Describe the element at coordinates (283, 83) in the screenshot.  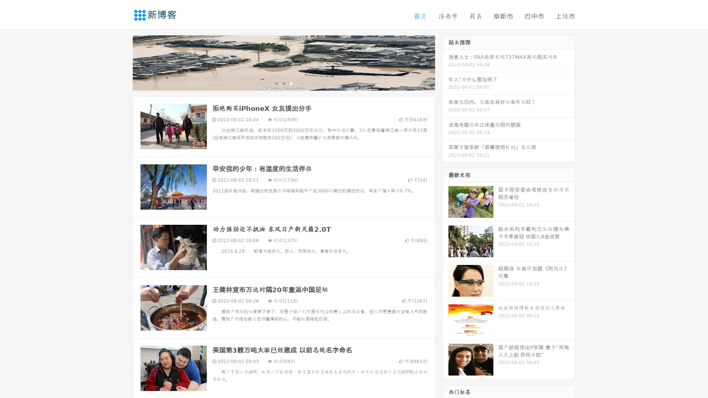
I see `Go to slide 2` at that location.